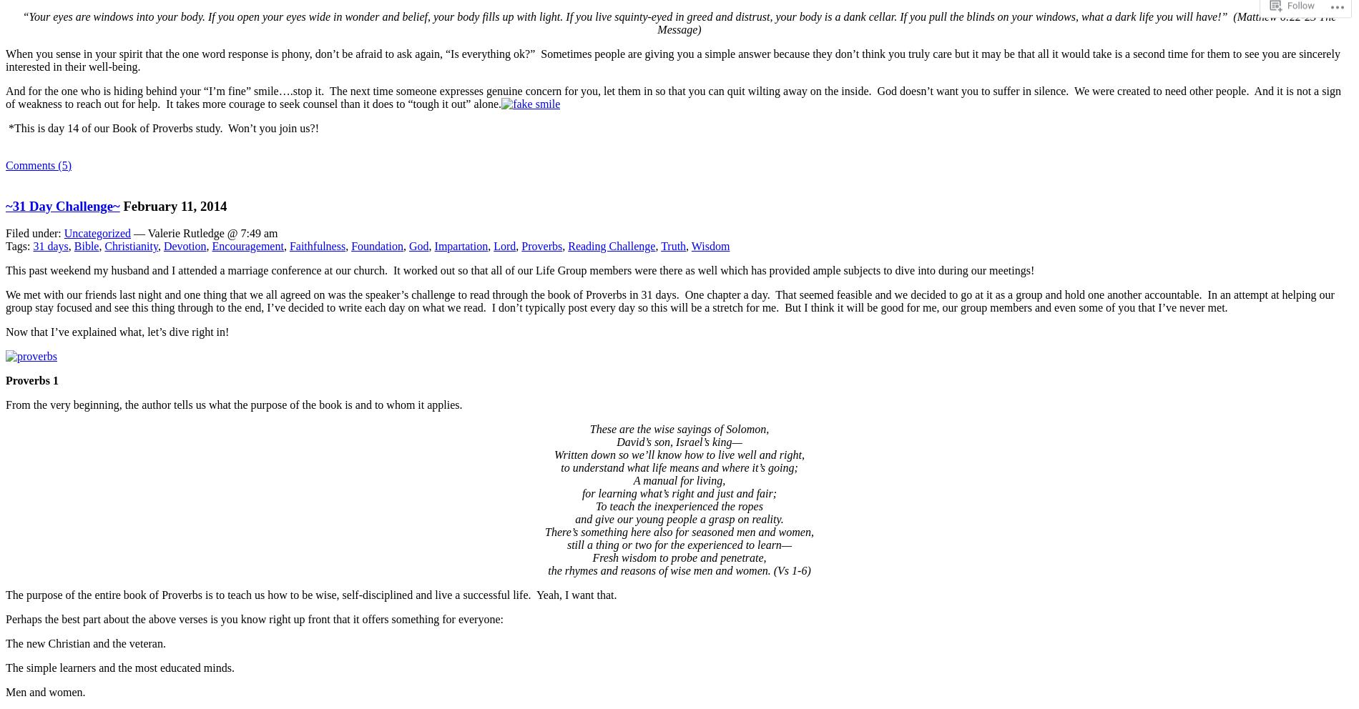 The height and width of the screenshot is (709, 1359). Describe the element at coordinates (678, 467) in the screenshot. I see `'to understand what life means and where it’s going;'` at that location.